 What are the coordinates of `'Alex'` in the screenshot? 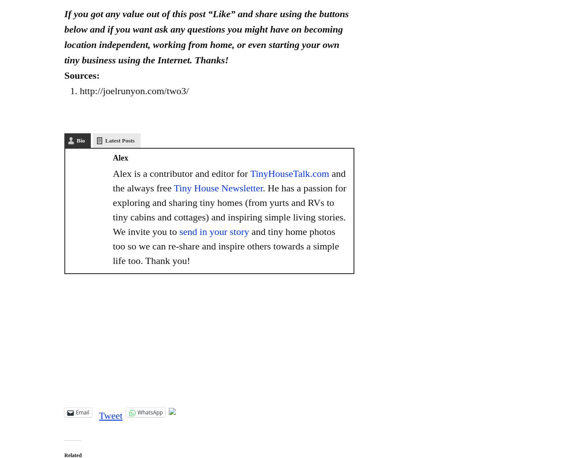 It's located at (112, 158).